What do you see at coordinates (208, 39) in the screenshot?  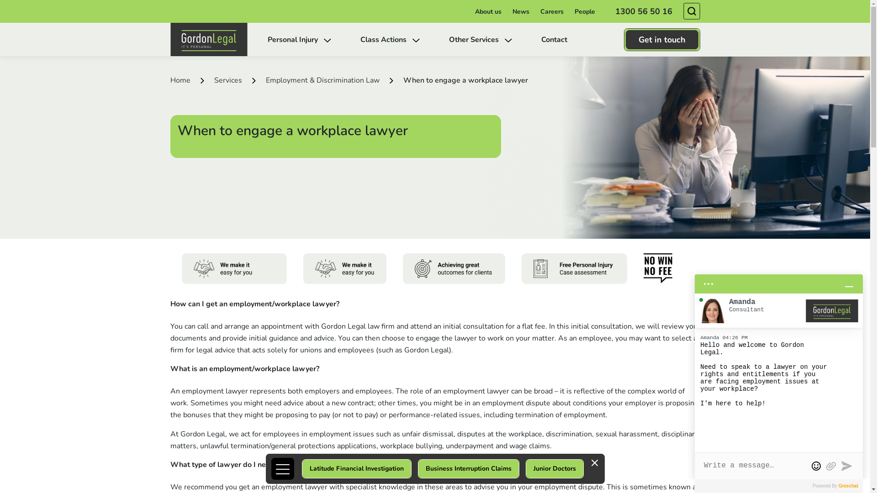 I see `'Gordon Legal'` at bounding box center [208, 39].